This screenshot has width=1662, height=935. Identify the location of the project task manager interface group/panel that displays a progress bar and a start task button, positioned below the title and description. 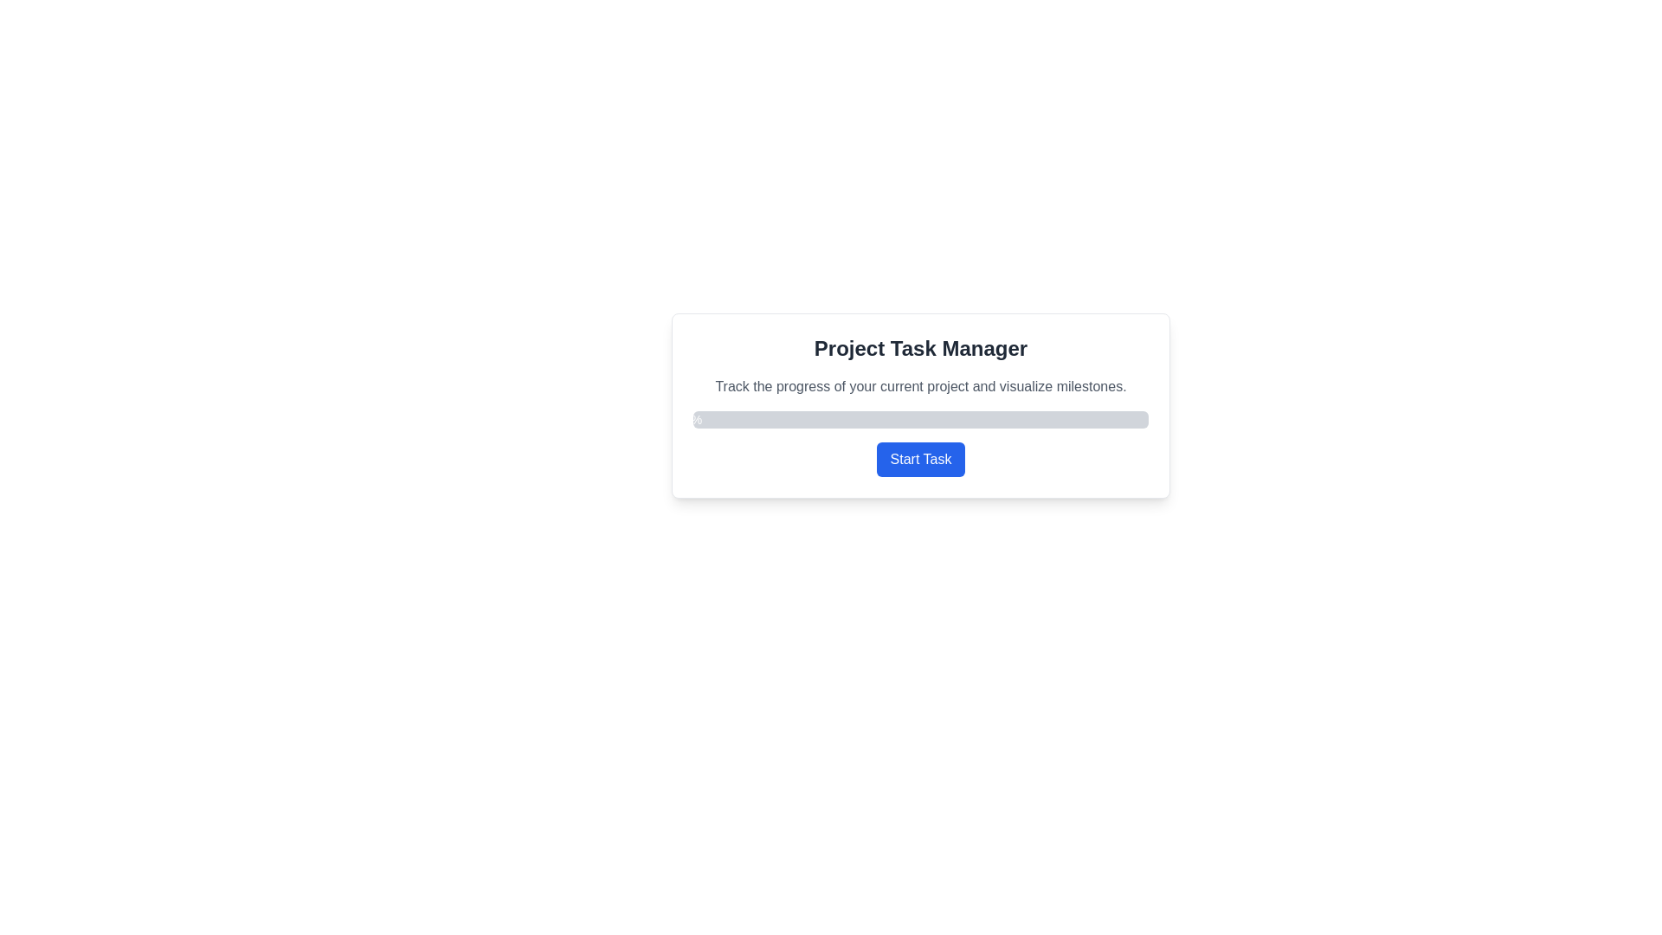
(920, 406).